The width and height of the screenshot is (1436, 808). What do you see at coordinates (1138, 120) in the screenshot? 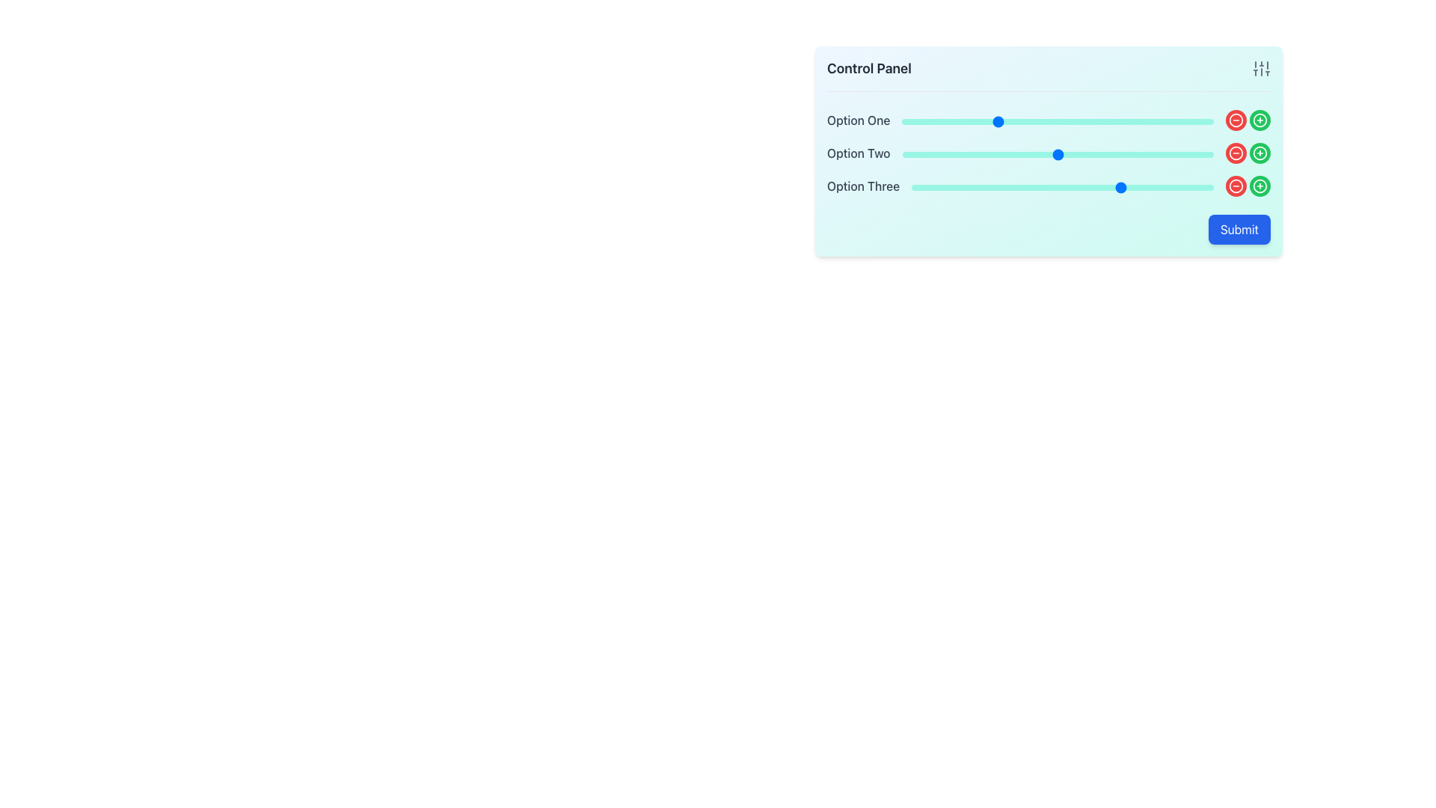
I see `the slider` at bounding box center [1138, 120].